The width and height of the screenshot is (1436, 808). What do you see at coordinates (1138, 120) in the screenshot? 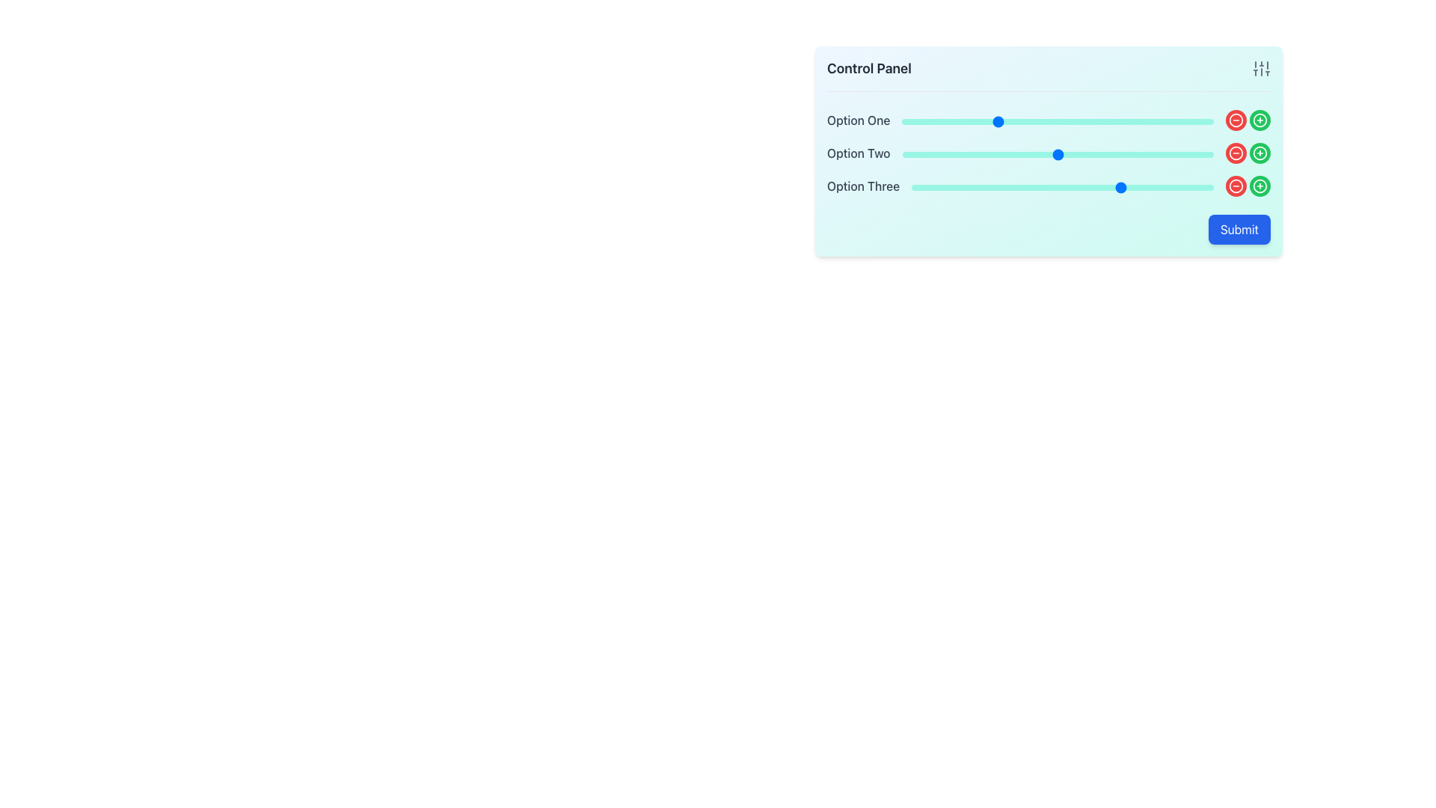
I see `the slider` at bounding box center [1138, 120].